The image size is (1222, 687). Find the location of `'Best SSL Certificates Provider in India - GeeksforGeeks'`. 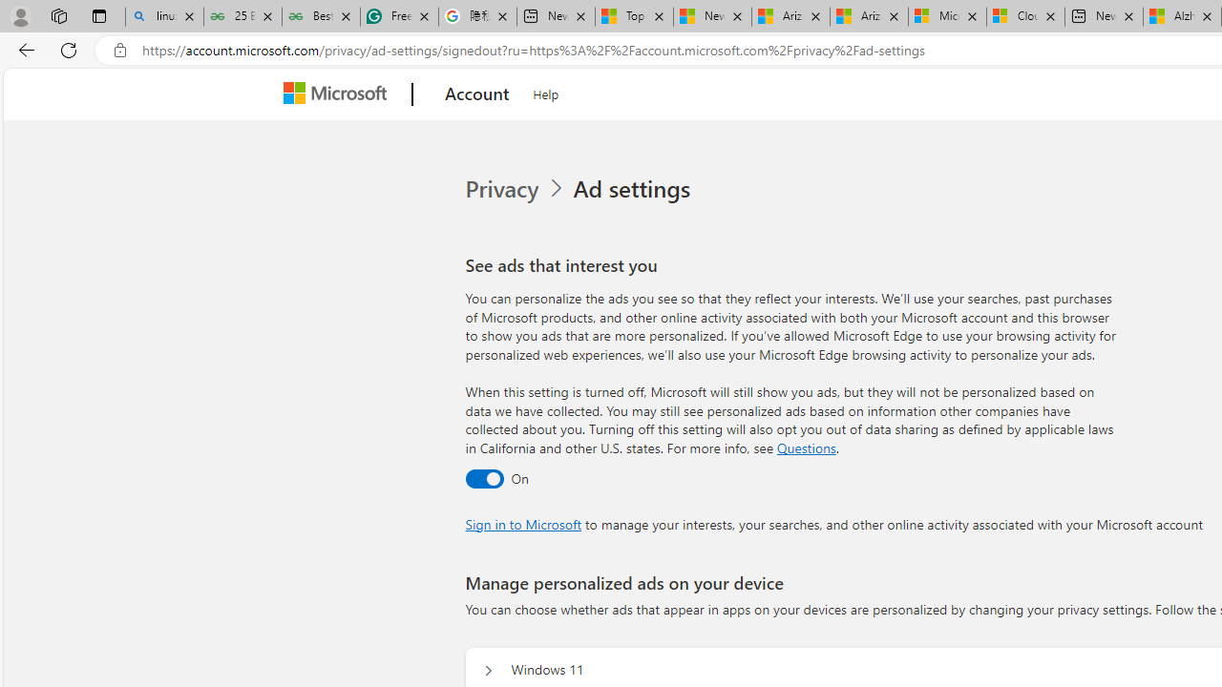

'Best SSL Certificates Provider in India - GeeksforGeeks' is located at coordinates (321, 16).